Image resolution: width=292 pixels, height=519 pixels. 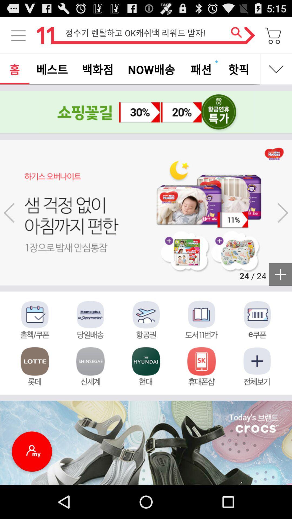 What do you see at coordinates (32, 485) in the screenshot?
I see `the avatar icon` at bounding box center [32, 485].